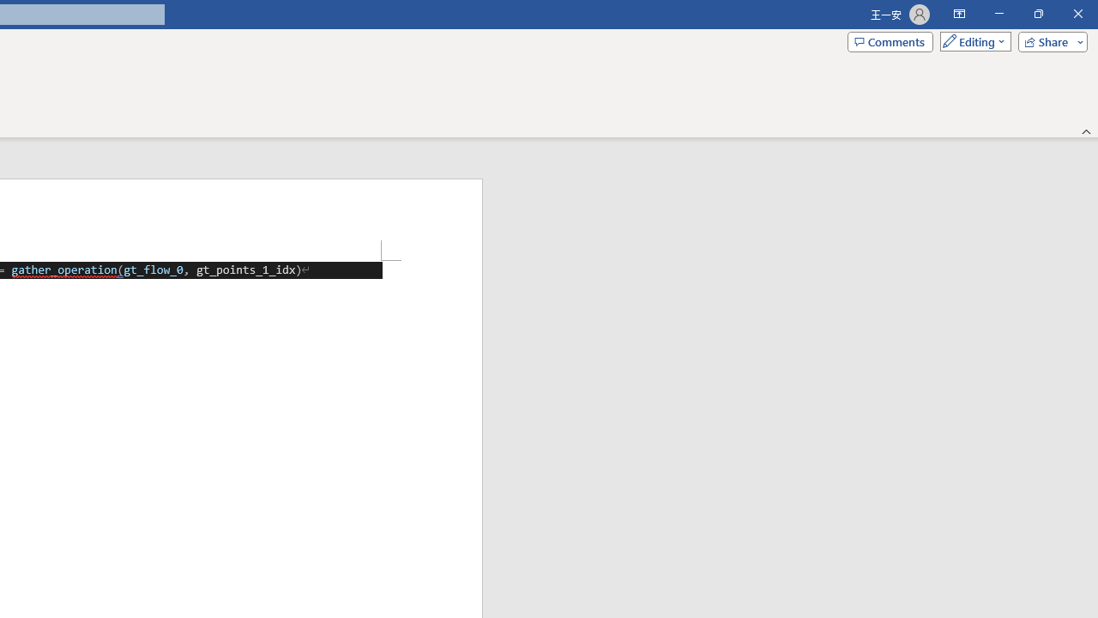 This screenshot has height=618, width=1098. Describe the element at coordinates (1086, 130) in the screenshot. I see `'Collapse the Ribbon'` at that location.